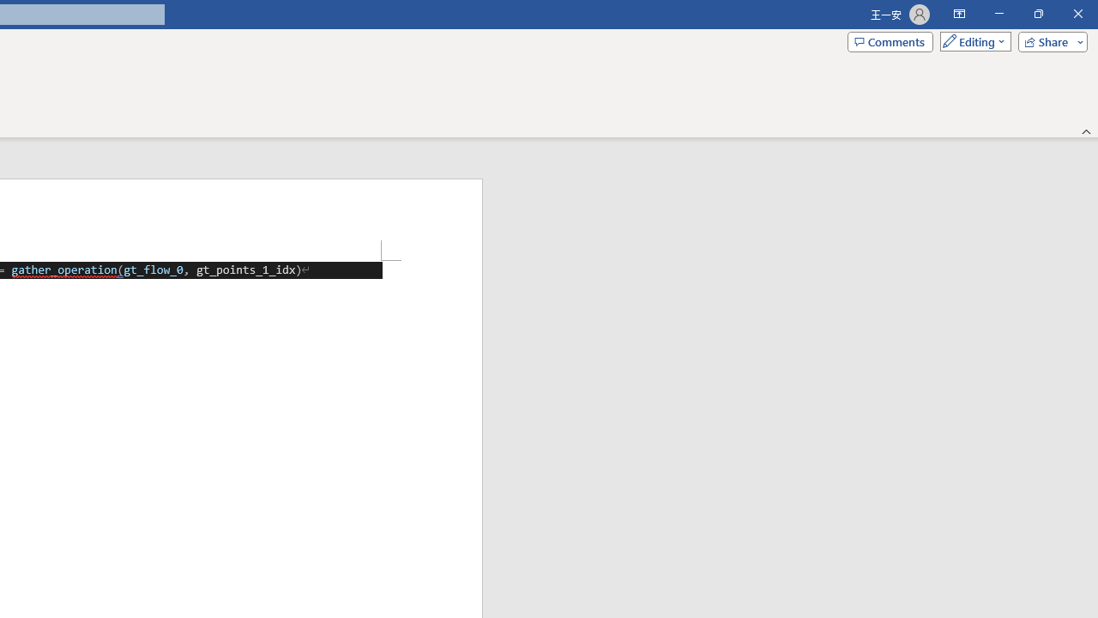 This screenshot has height=618, width=1098. Describe the element at coordinates (1086, 130) in the screenshot. I see `'Collapse the Ribbon'` at that location.